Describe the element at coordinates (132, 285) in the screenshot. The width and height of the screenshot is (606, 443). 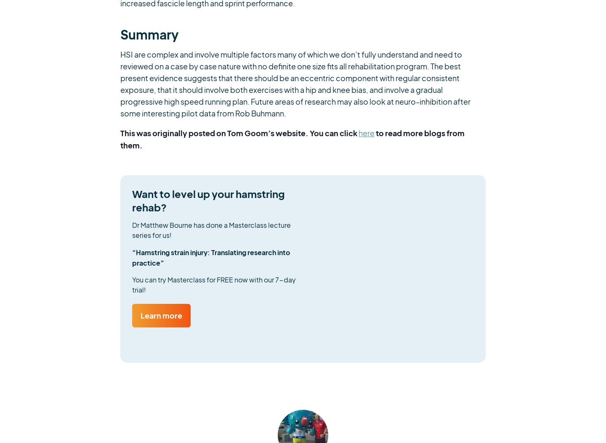
I see `'You can try Masterclass for FREE now with our 7-day trial!'` at that location.